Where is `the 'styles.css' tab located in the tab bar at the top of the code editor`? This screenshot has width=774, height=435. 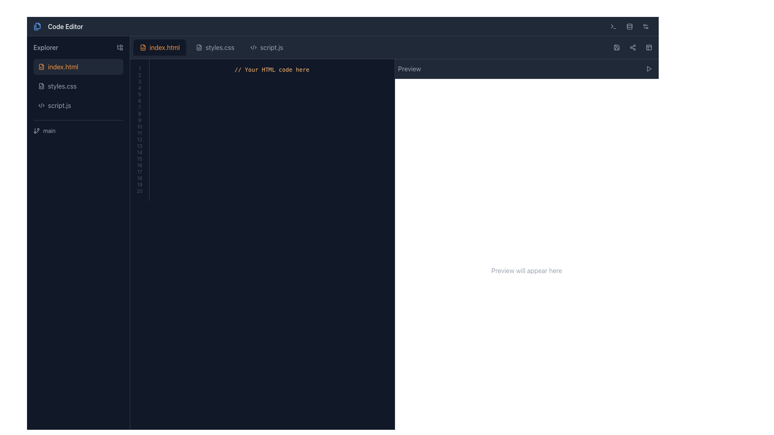 the 'styles.css' tab located in the tab bar at the top of the code editor is located at coordinates (211, 48).